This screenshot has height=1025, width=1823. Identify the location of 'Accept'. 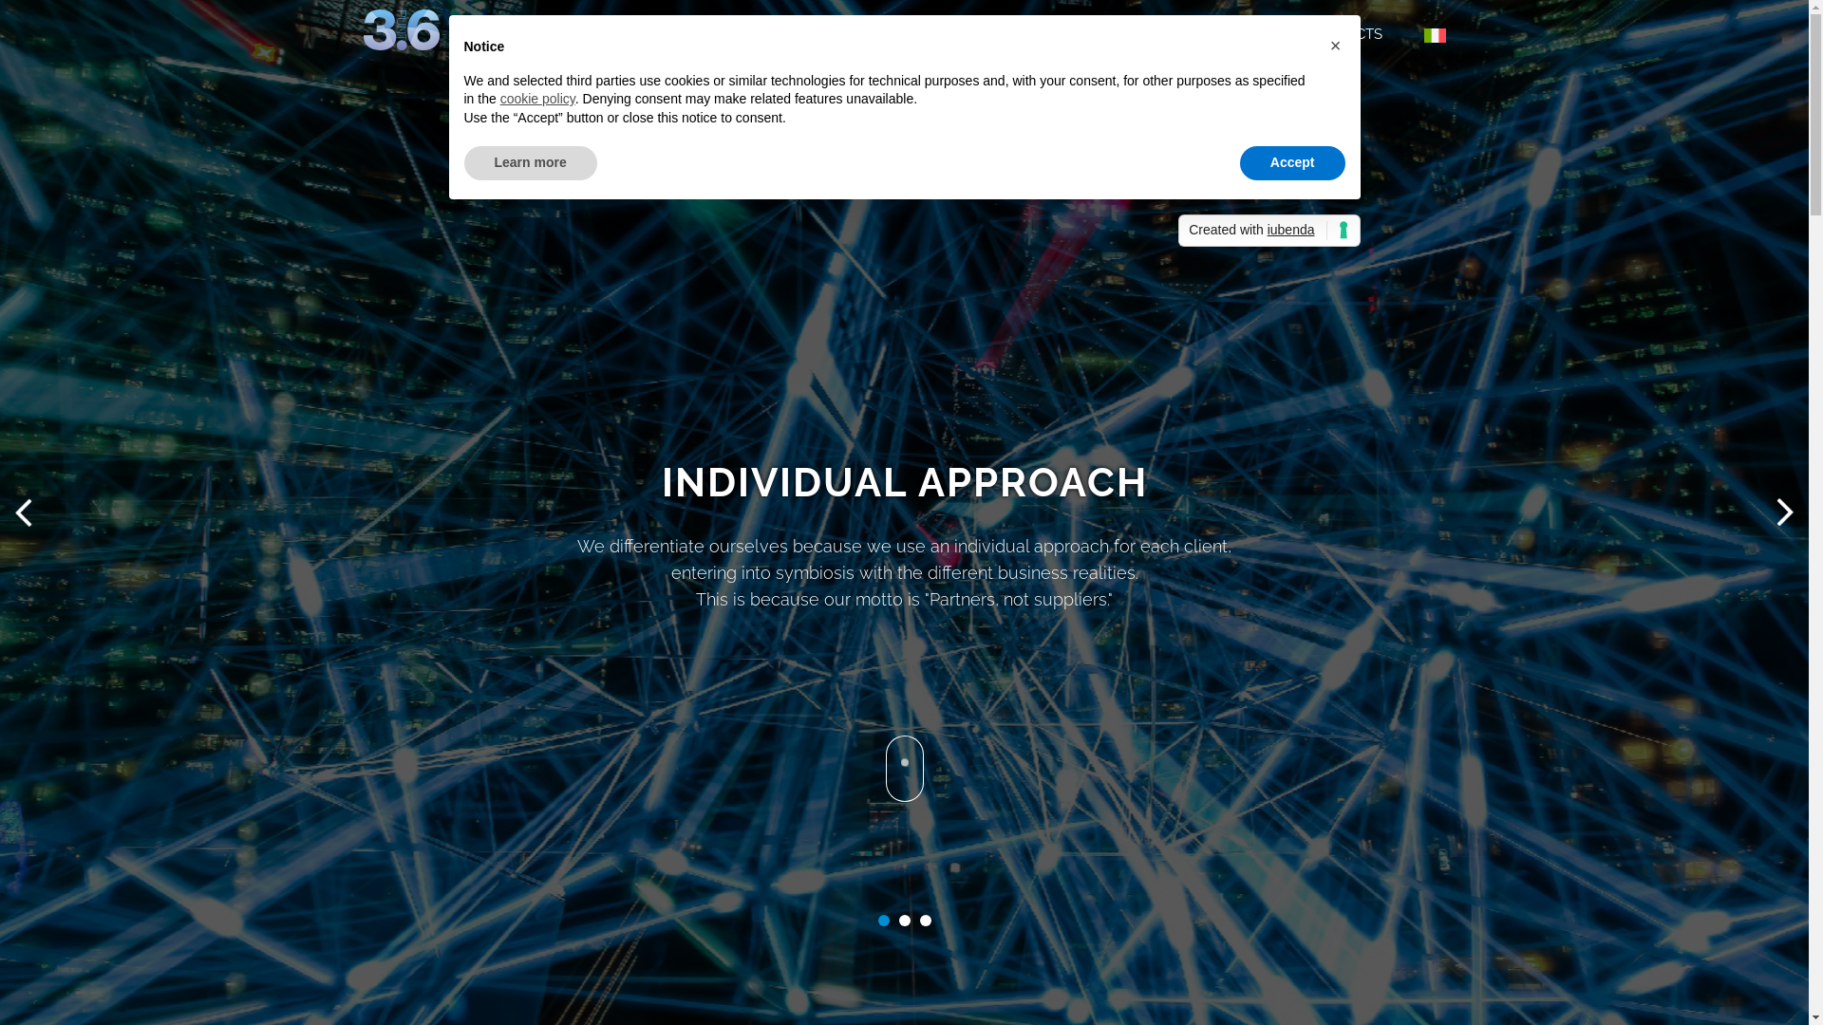
(1239, 162).